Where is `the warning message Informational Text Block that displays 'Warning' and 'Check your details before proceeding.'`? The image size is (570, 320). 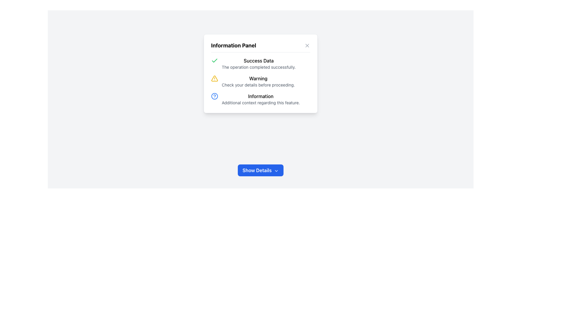 the warning message Informational Text Block that displays 'Warning' and 'Check your details before proceeding.' is located at coordinates (261, 81).